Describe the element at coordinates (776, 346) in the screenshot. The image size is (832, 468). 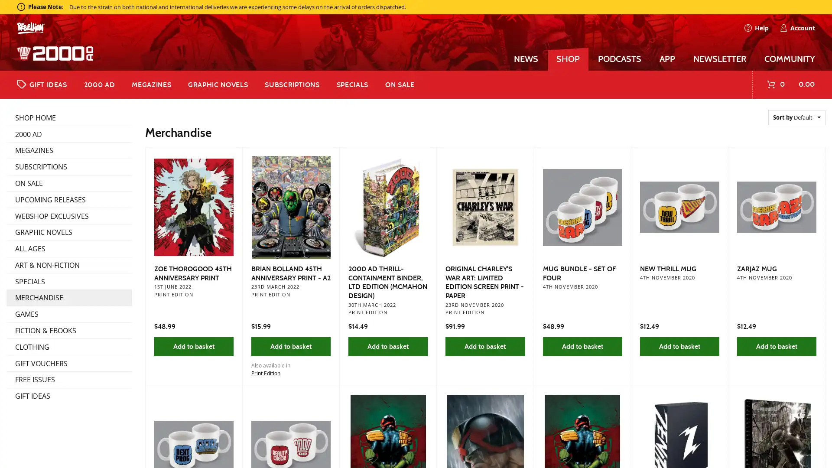
I see `Add to basket` at that location.